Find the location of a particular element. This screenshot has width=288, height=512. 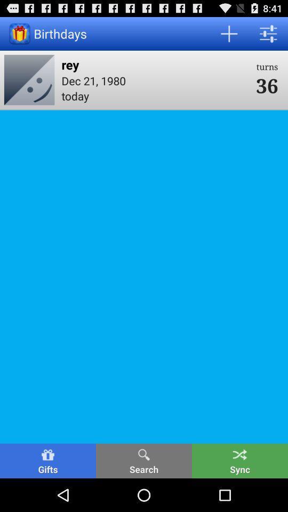

item above the sync item is located at coordinates (267, 84).